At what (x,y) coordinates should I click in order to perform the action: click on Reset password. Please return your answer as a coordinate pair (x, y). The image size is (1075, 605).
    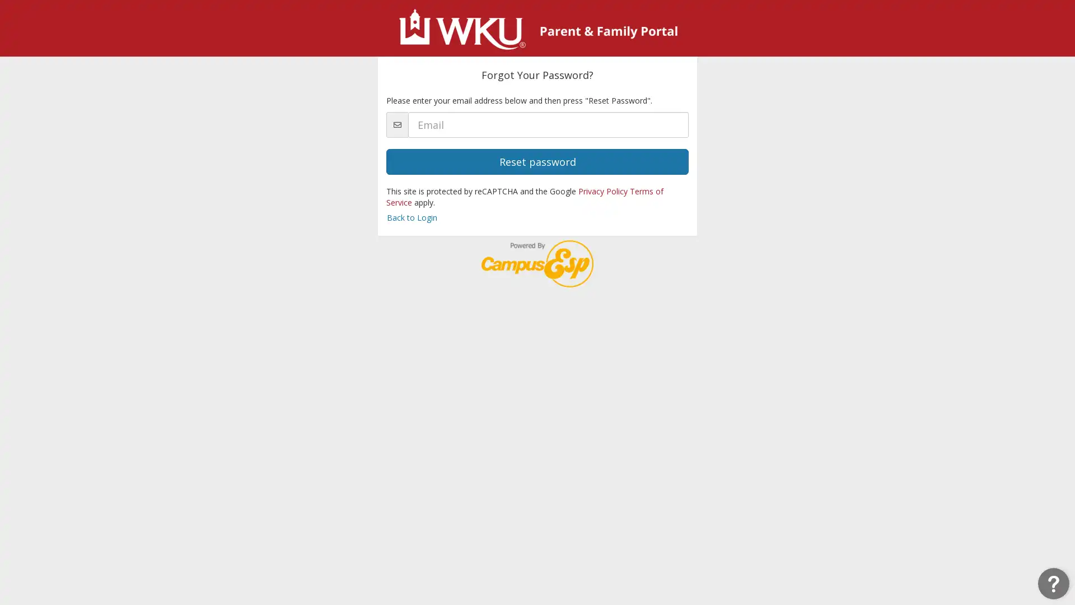
    Looking at the image, I should click on (537, 161).